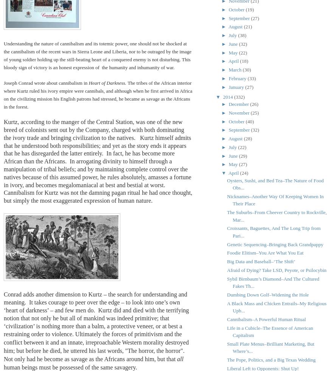 Image resolution: width=333 pixels, height=371 pixels. What do you see at coordinates (271, 360) in the screenshot?
I see `'The Pope, Politics, and a Big Texas Wedding'` at bounding box center [271, 360].